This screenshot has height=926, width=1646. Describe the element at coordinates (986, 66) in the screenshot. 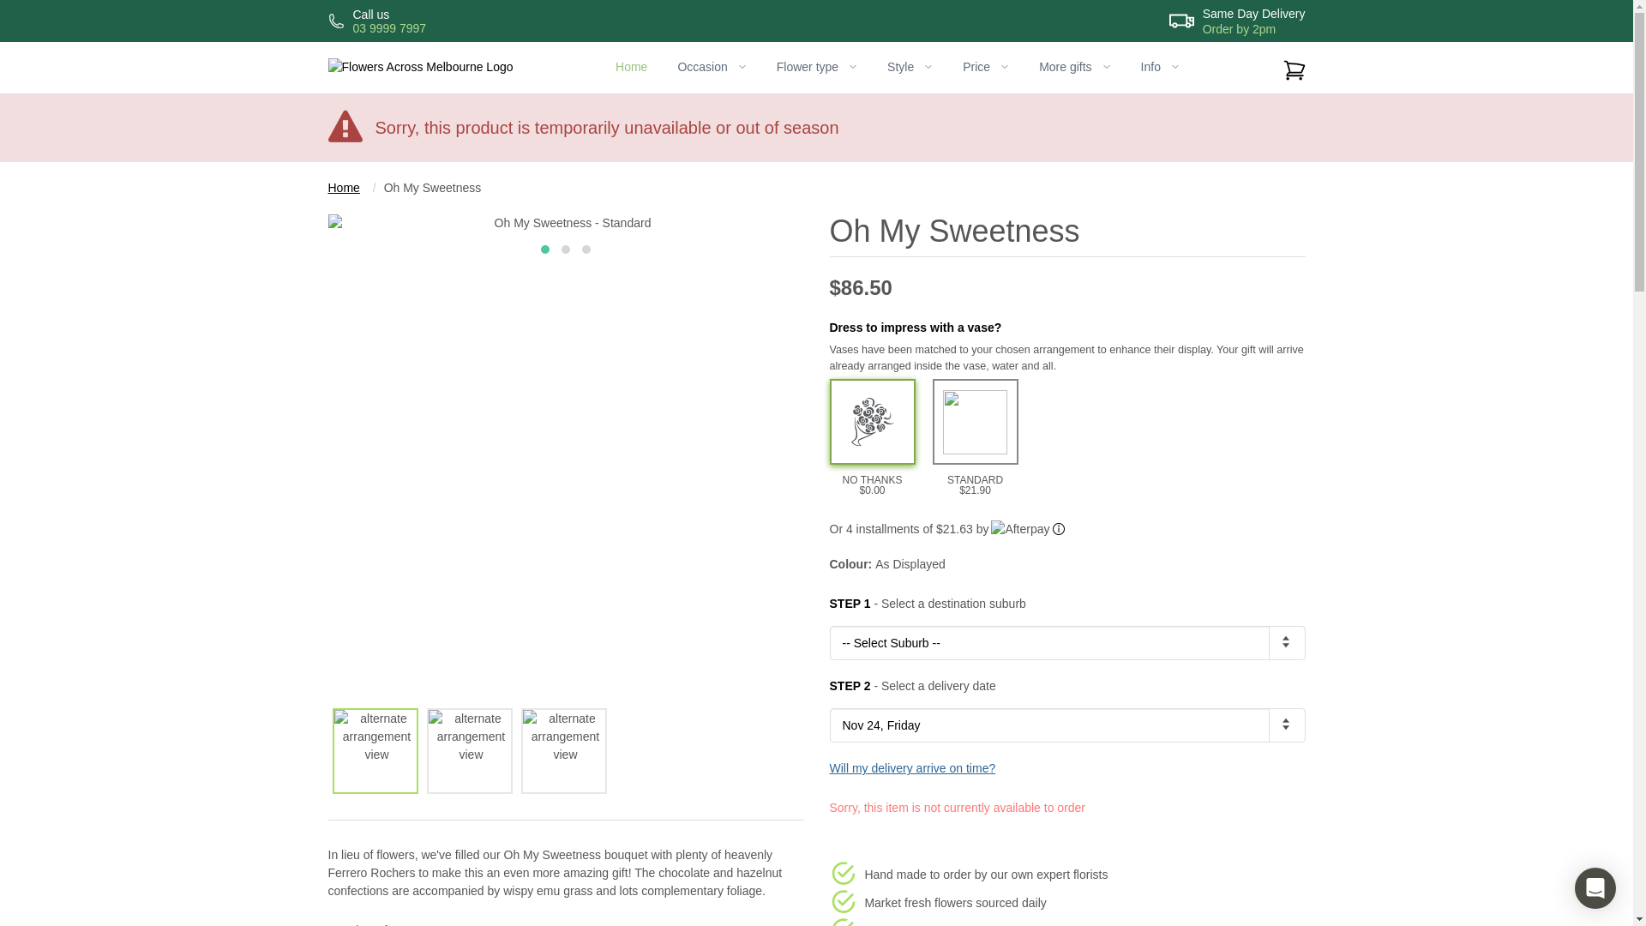

I see `'Price'` at that location.